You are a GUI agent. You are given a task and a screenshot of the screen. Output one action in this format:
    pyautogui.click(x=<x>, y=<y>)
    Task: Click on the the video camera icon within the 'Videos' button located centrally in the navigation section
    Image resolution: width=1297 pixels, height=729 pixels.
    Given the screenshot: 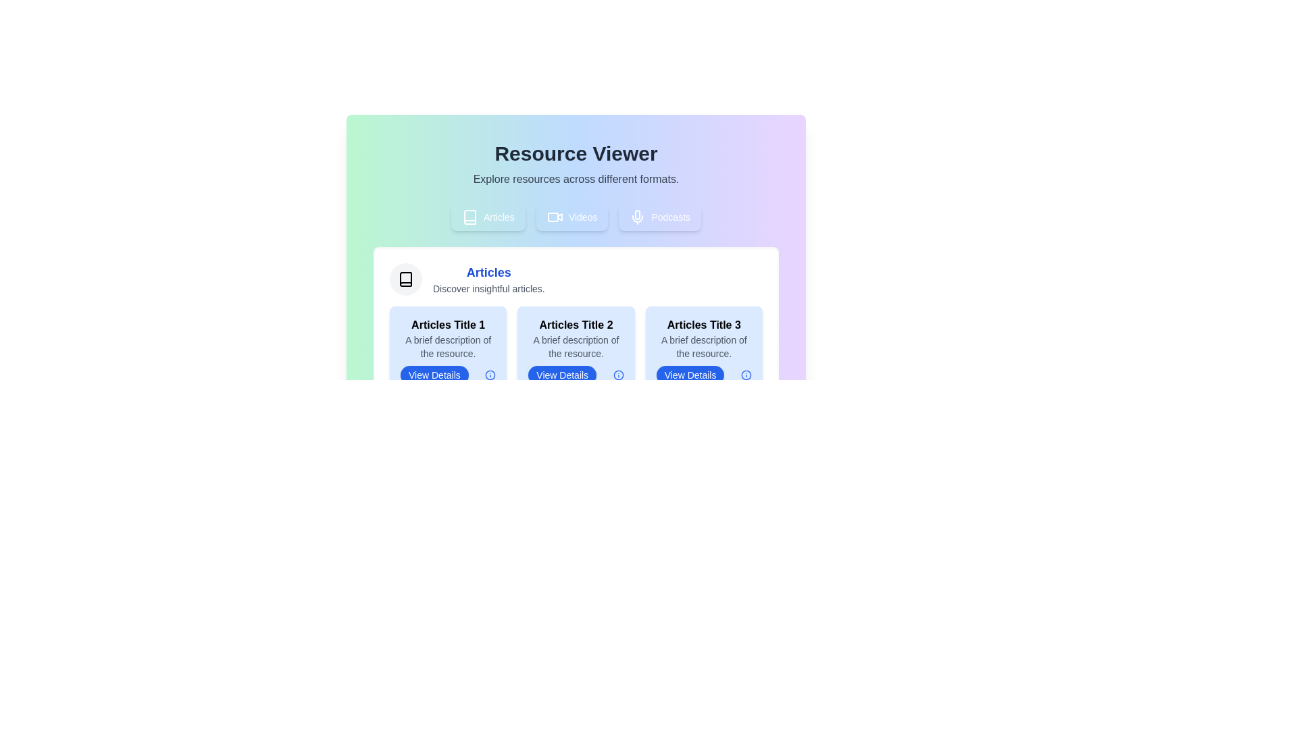 What is the action you would take?
    pyautogui.click(x=555, y=216)
    